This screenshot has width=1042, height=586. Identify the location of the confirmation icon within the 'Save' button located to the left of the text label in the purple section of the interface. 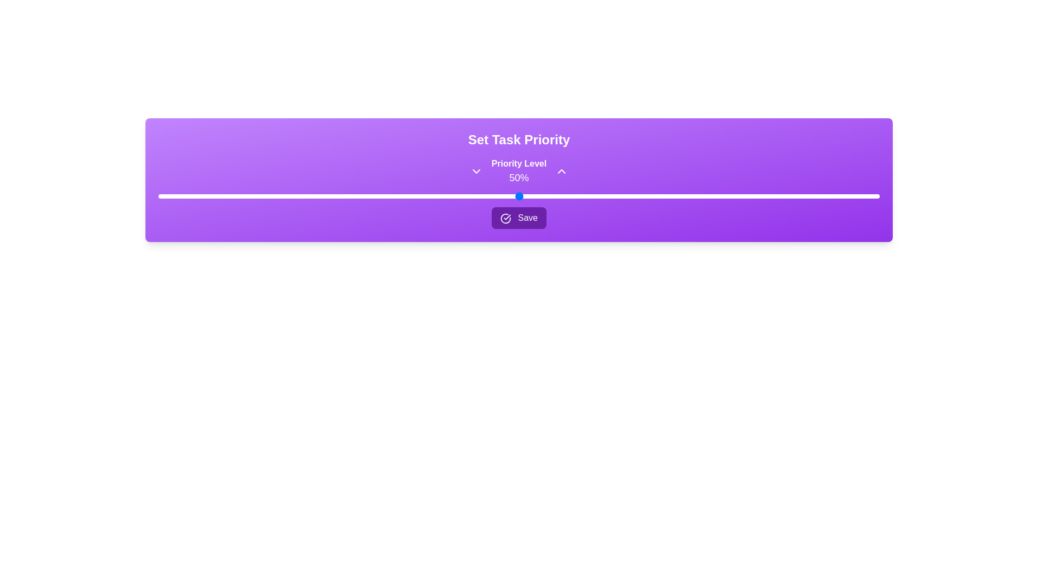
(505, 218).